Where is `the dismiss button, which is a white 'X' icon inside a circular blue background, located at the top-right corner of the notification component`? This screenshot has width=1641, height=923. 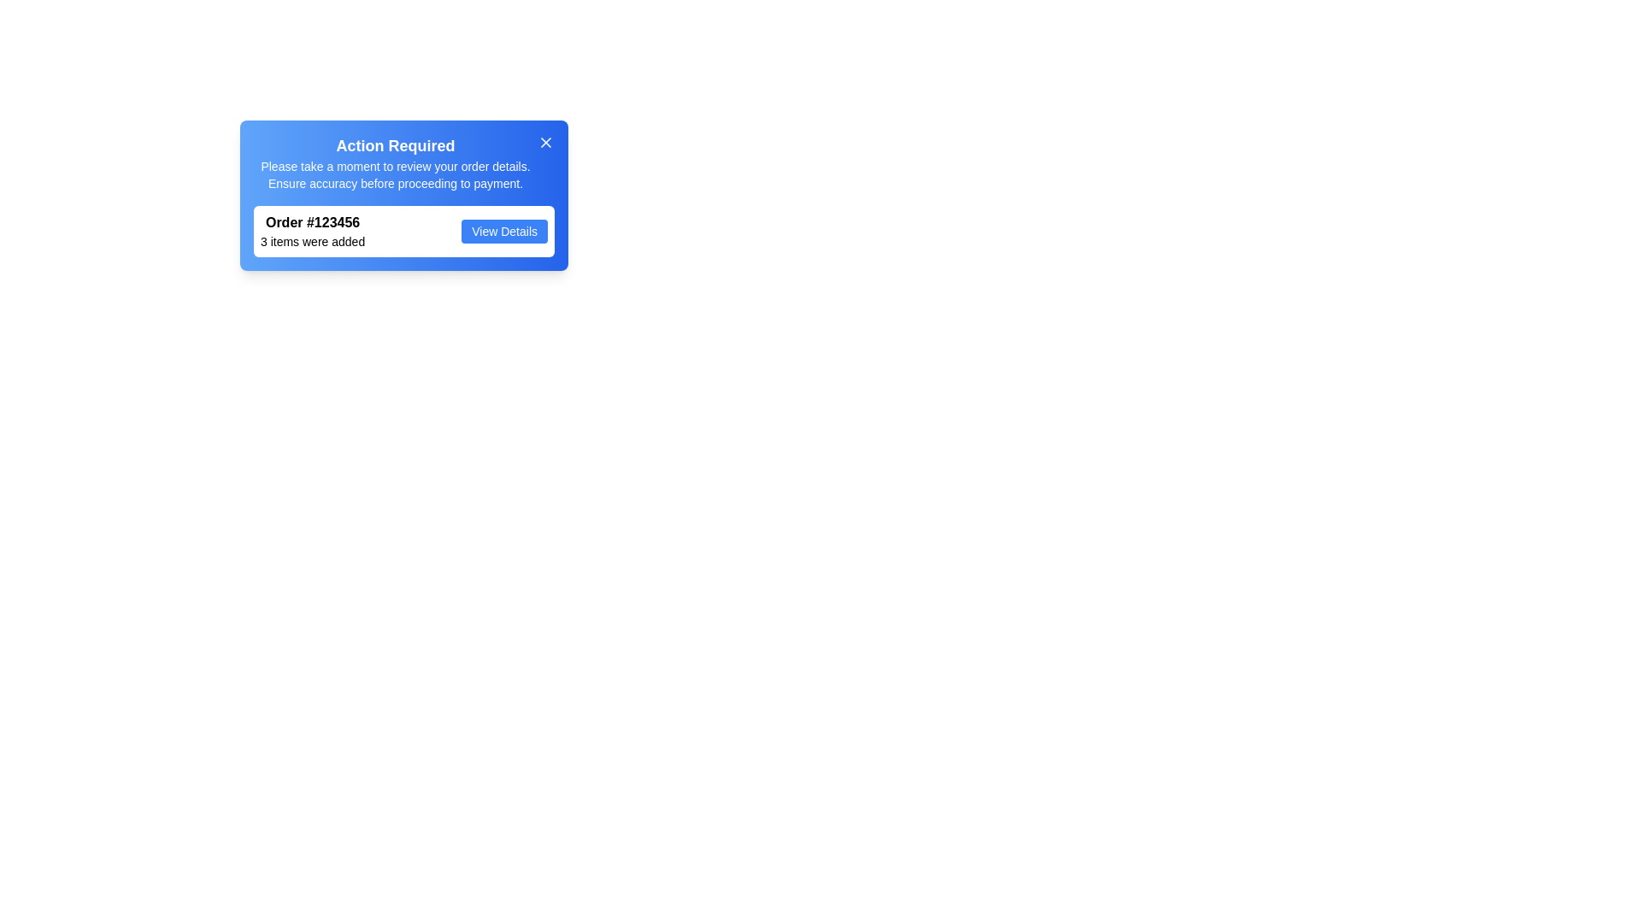
the dismiss button, which is a white 'X' icon inside a circular blue background, located at the top-right corner of the notification component is located at coordinates (544, 141).